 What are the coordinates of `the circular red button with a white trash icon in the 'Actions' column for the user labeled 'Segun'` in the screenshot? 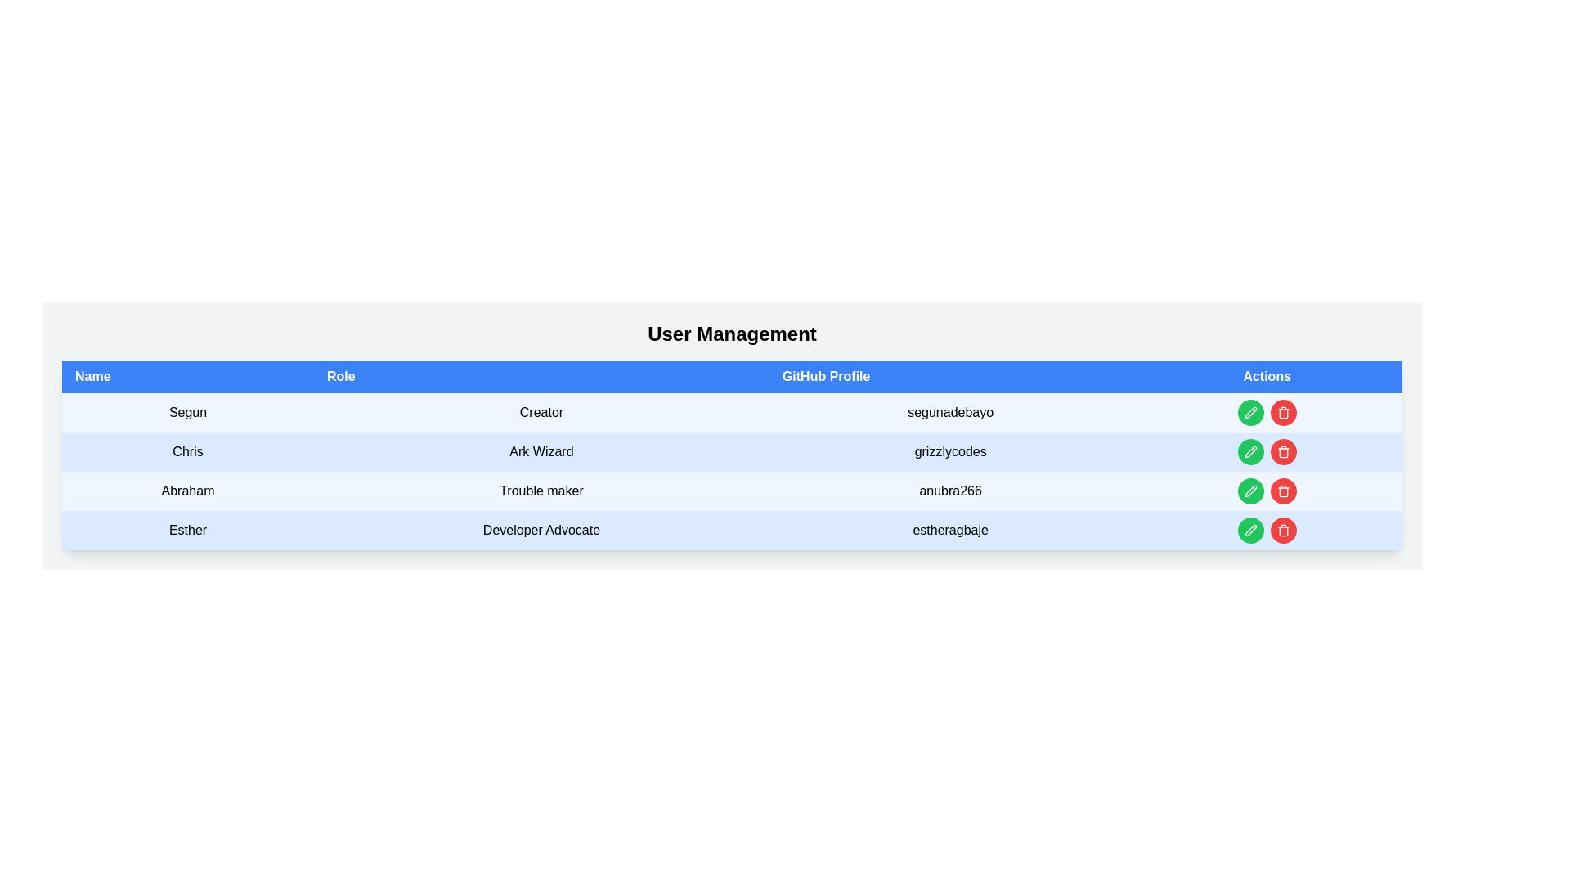 It's located at (1282, 412).